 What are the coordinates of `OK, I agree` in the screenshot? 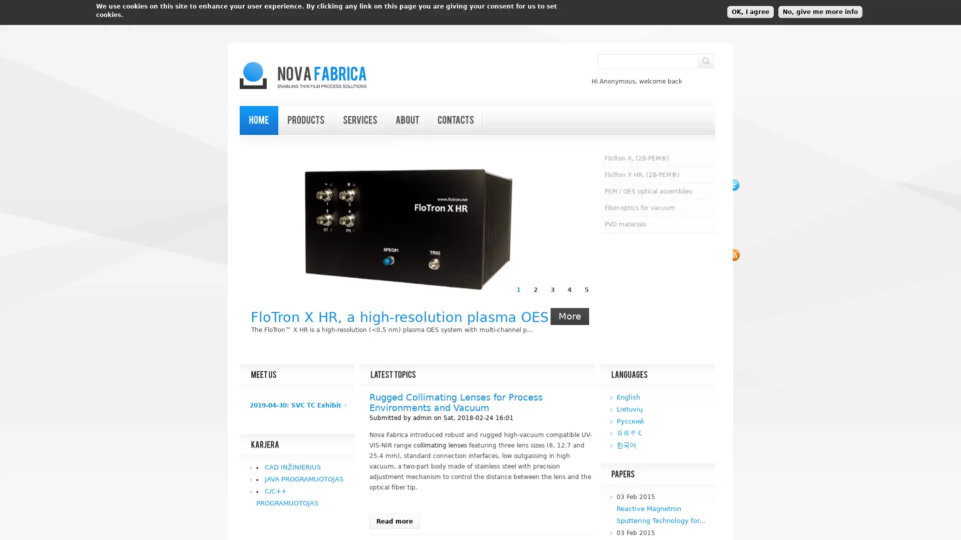 It's located at (750, 11).